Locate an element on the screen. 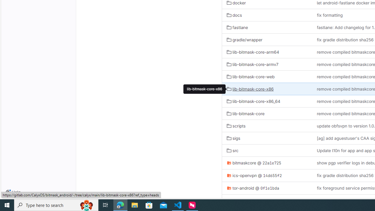  'tor-android @ 0f1e1bda' is located at coordinates (267, 188).